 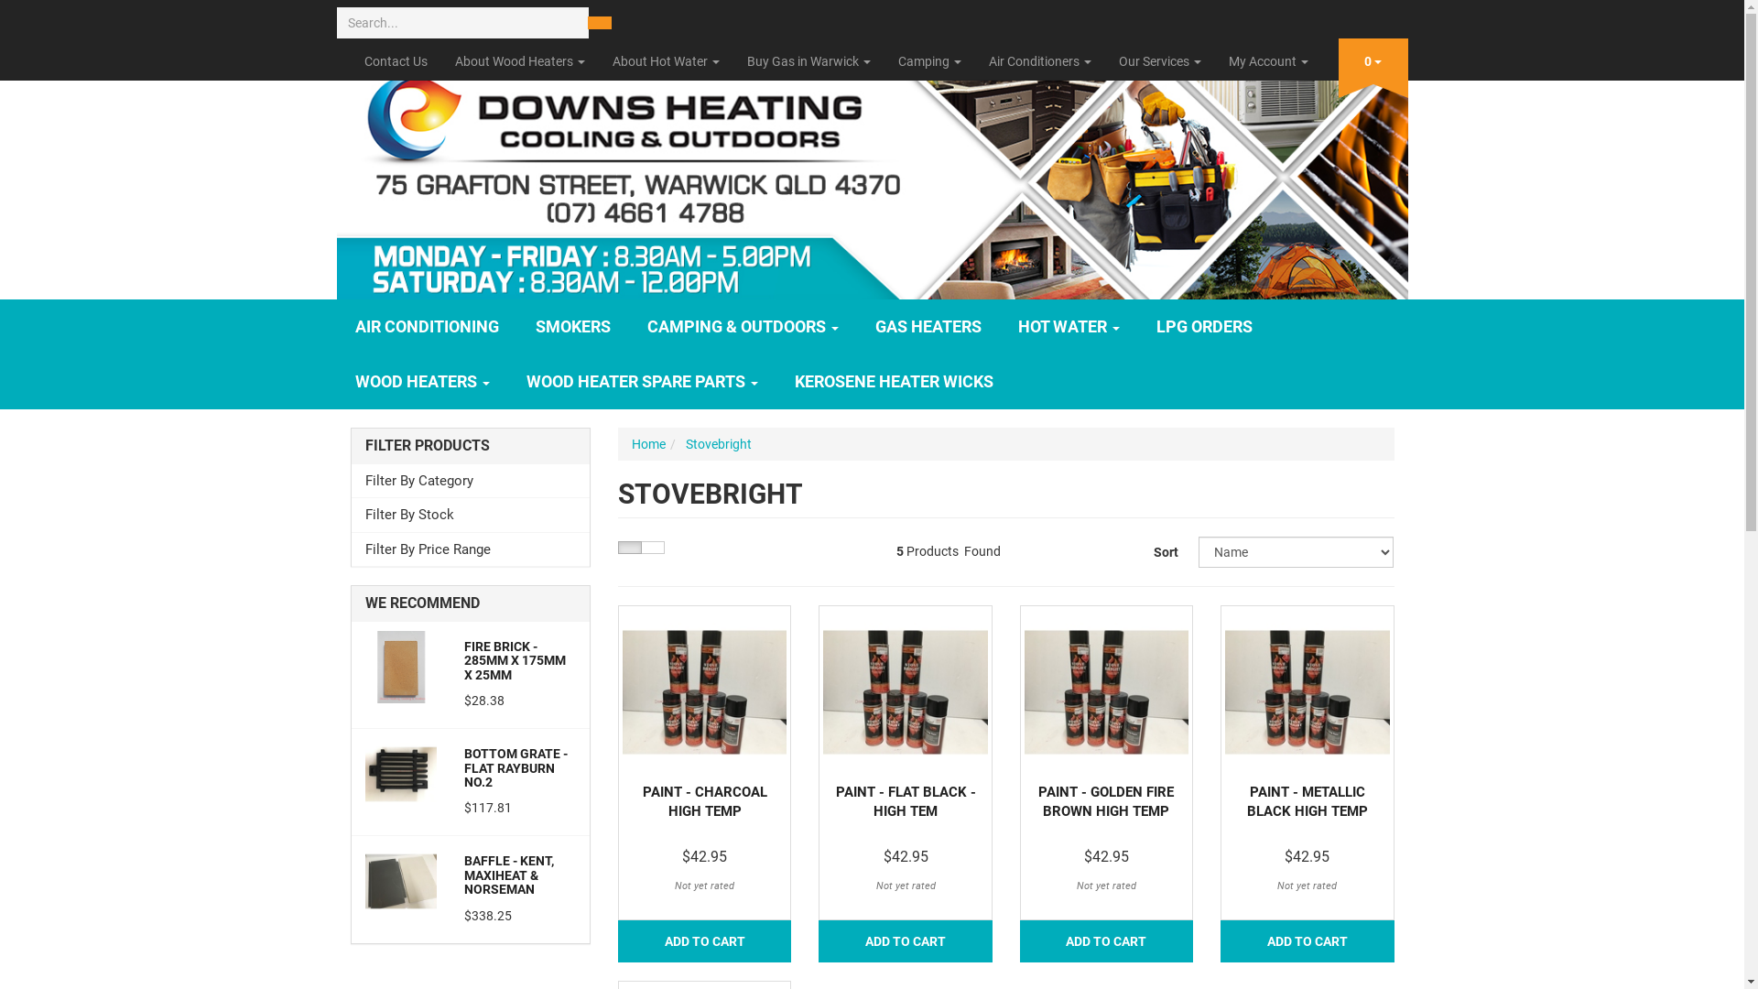 I want to click on 'SMOKERS', so click(x=570, y=326).